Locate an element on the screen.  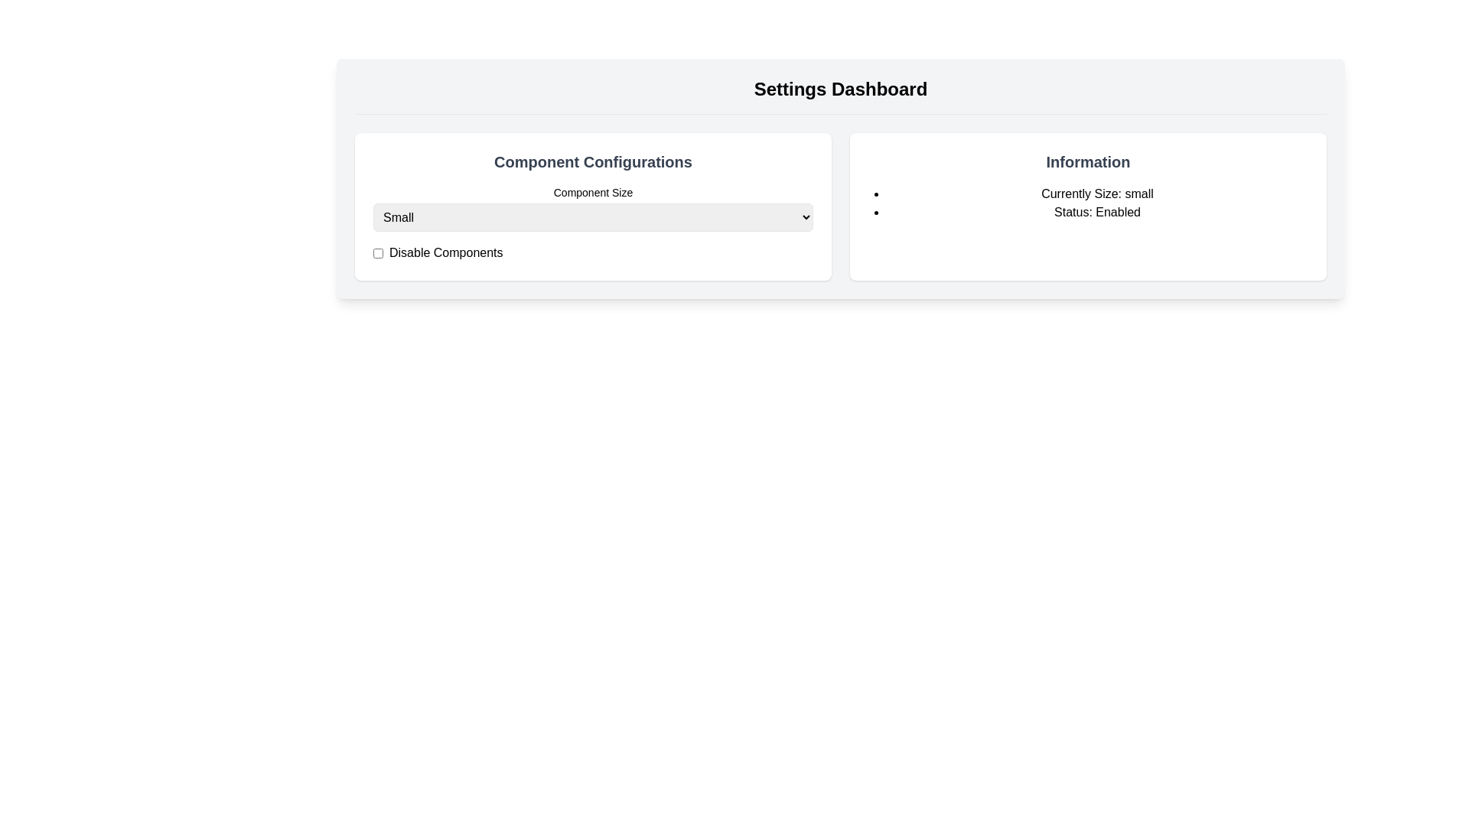
the checkbox located next to the 'Disable Components' label in the 'Component Configurations' section is located at coordinates (378, 252).